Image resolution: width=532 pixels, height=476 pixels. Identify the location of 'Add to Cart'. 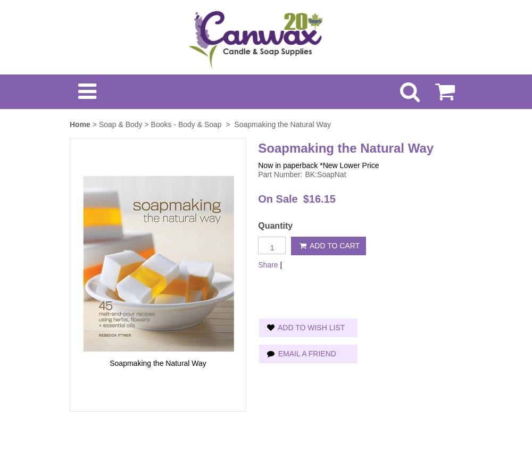
(334, 245).